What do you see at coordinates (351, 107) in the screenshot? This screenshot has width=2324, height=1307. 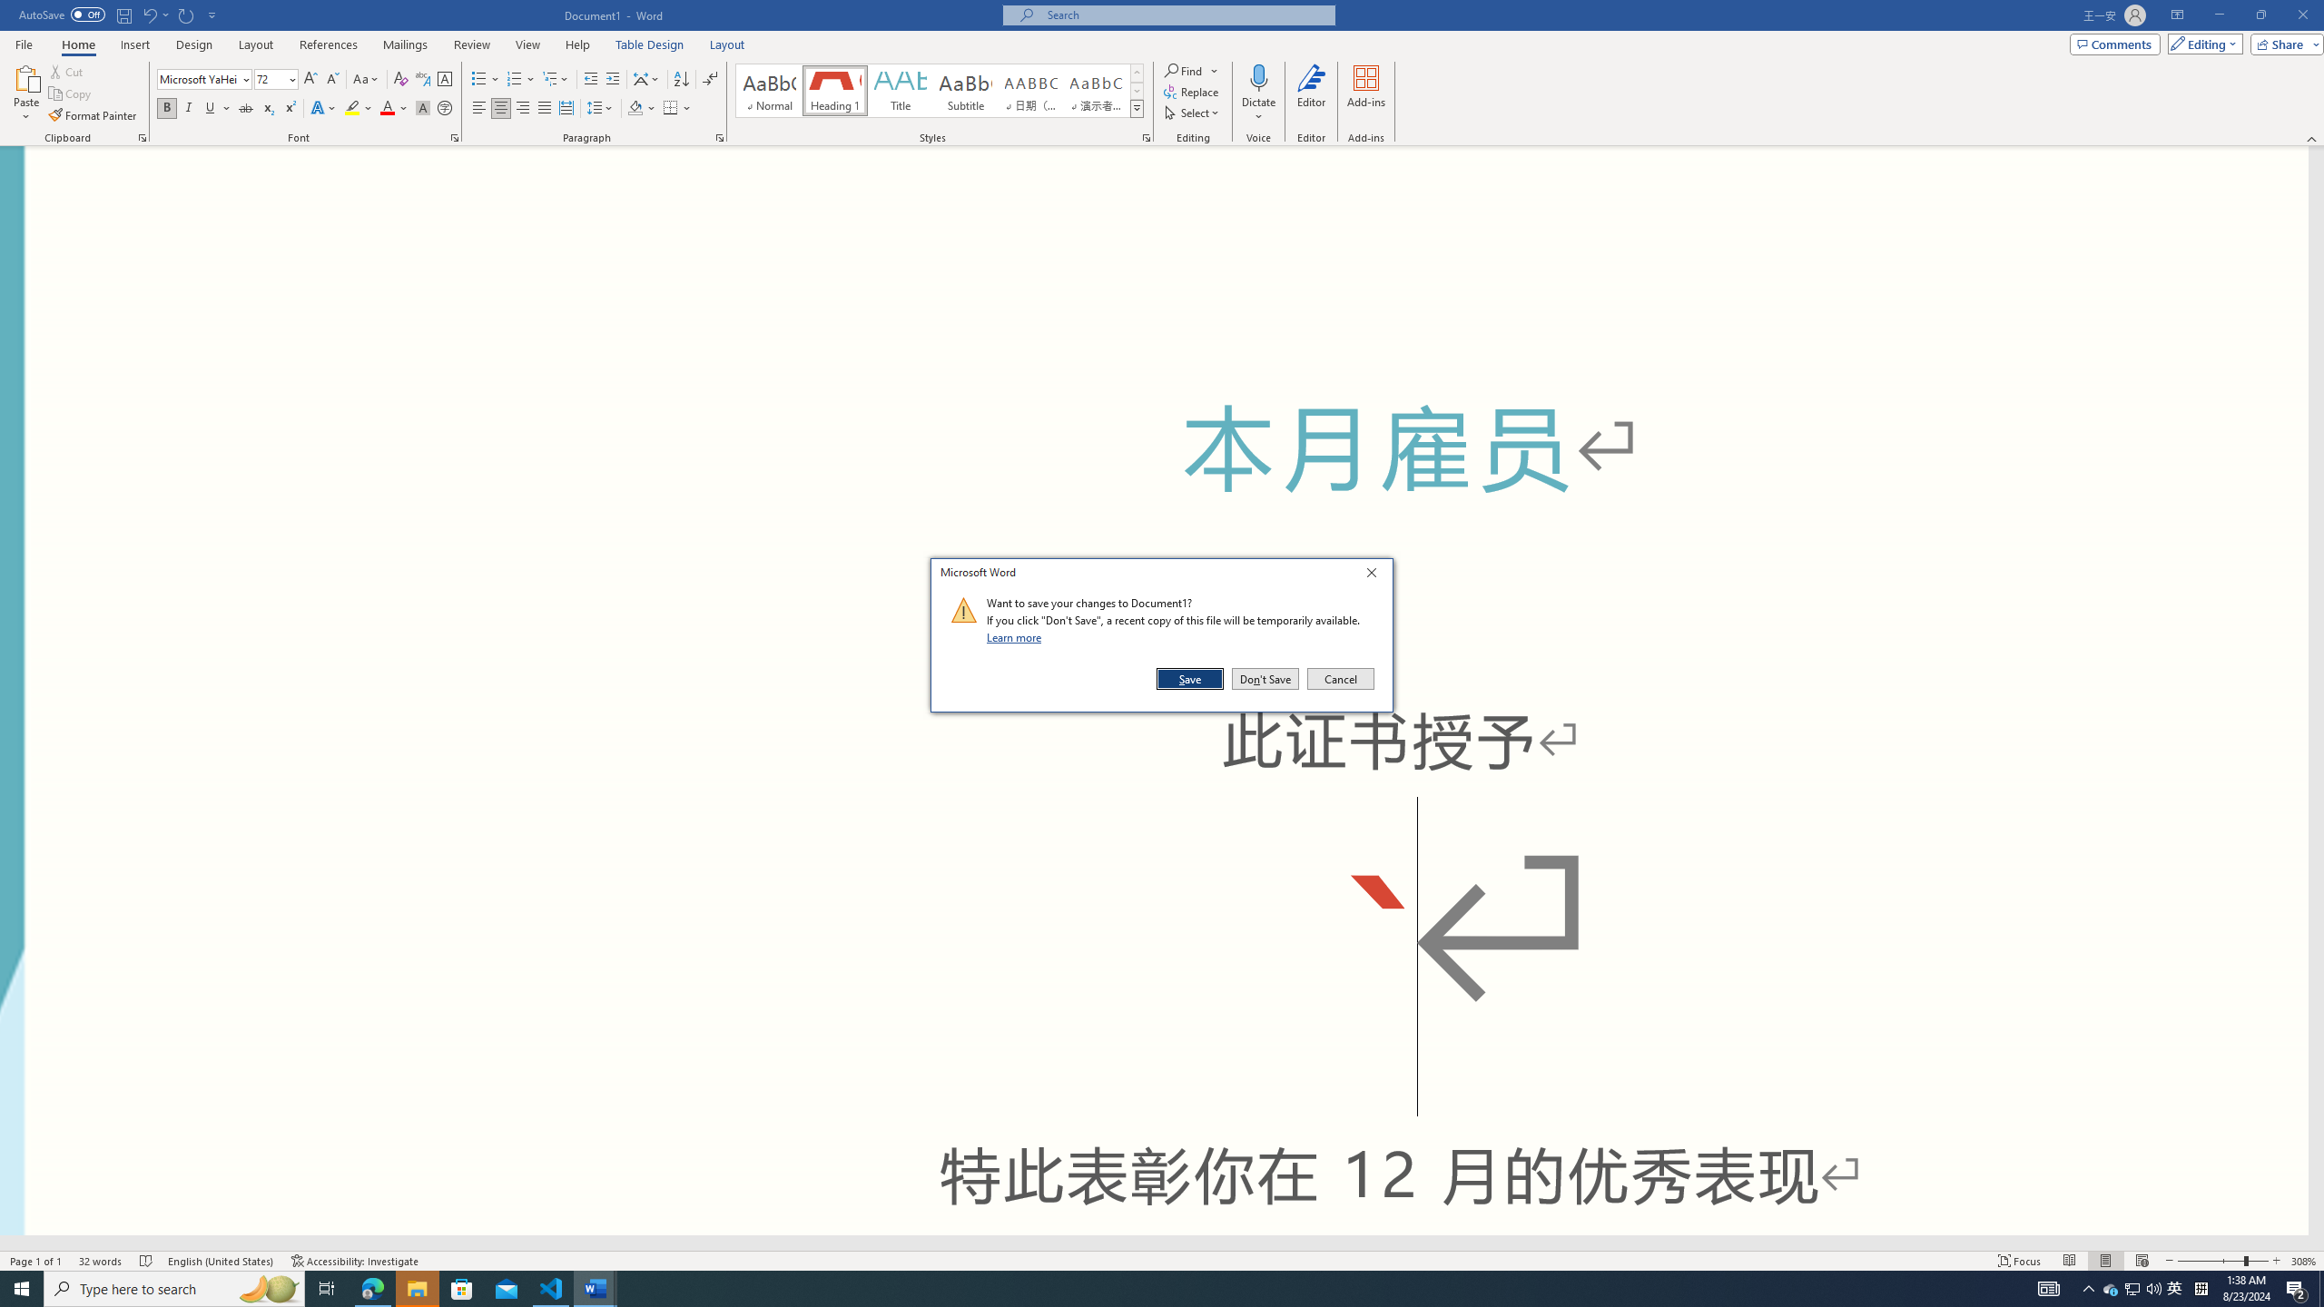 I see `'Text Highlight Color Yellow'` at bounding box center [351, 107].